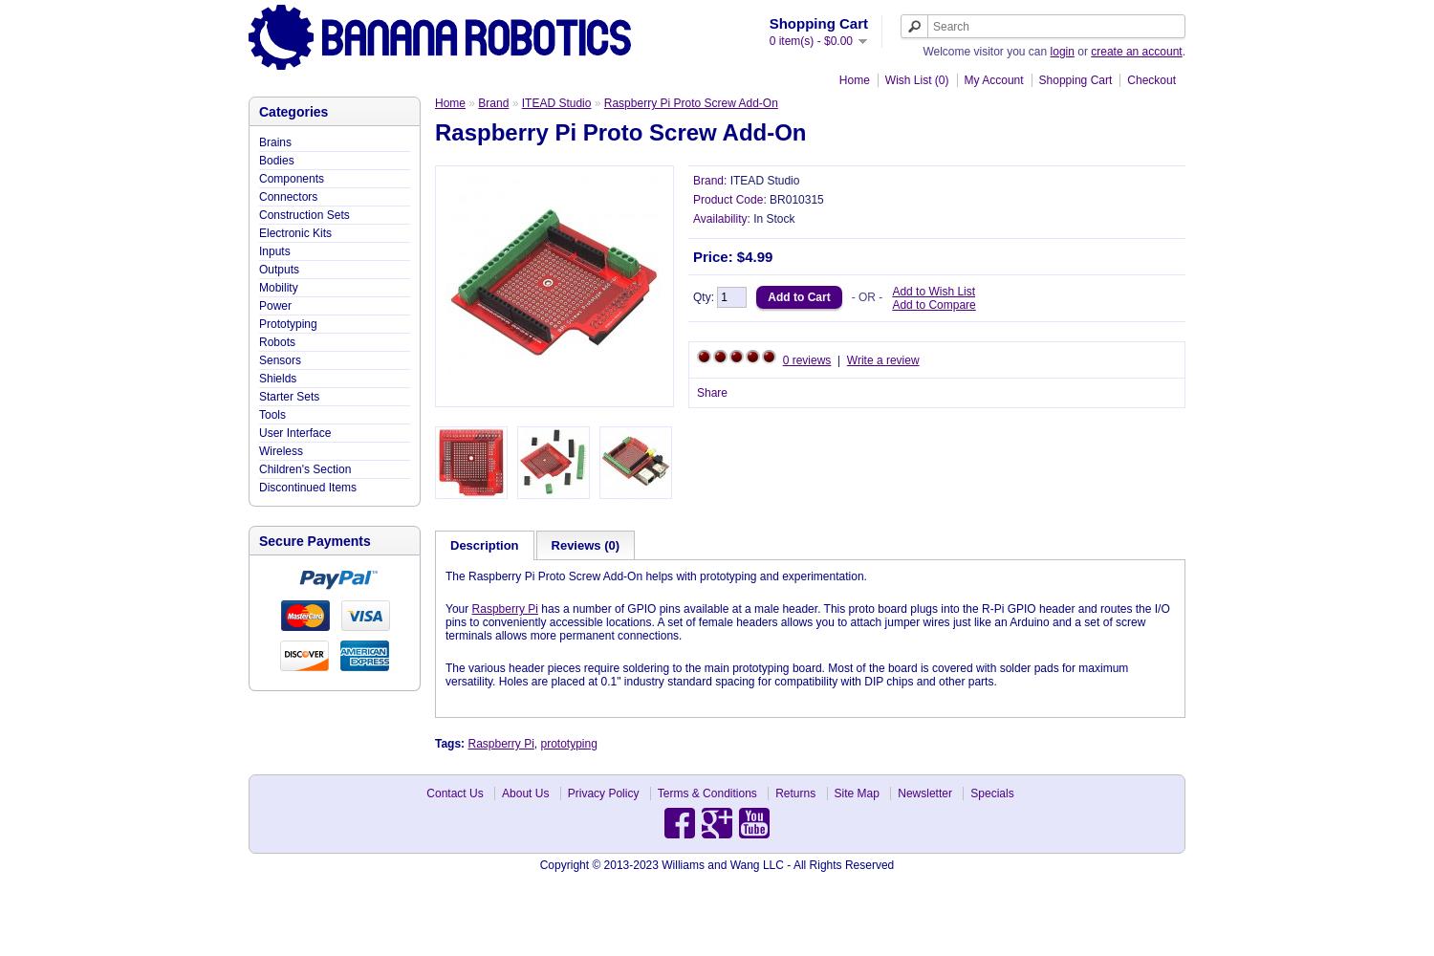  What do you see at coordinates (602, 793) in the screenshot?
I see `'Privacy Policy'` at bounding box center [602, 793].